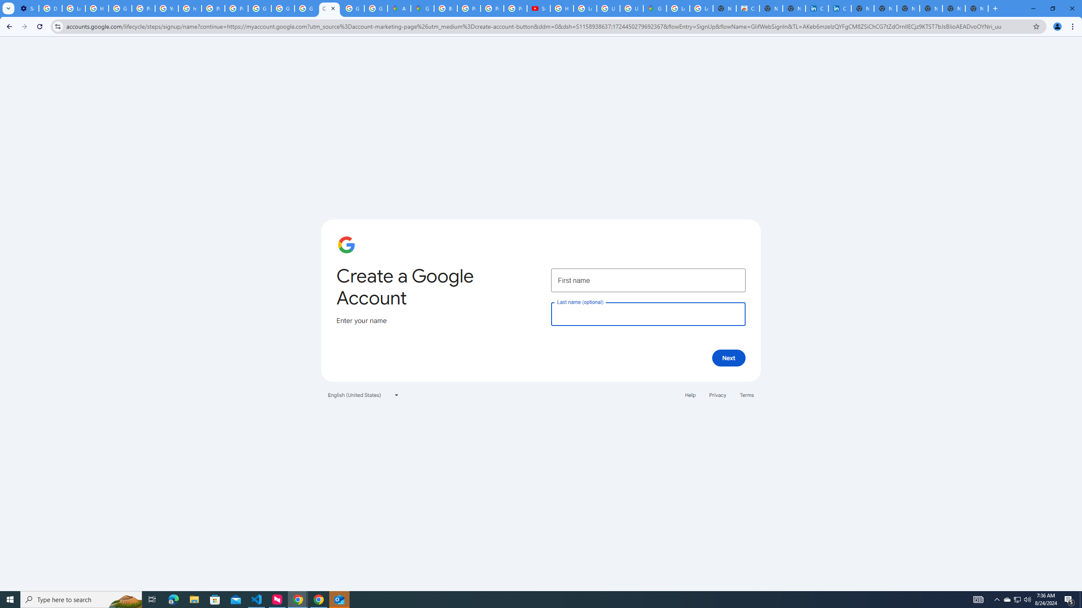 The height and width of the screenshot is (608, 1082). Describe the element at coordinates (50, 8) in the screenshot. I see `'Delete photos & videos - Computer - Google Photos Help'` at that location.